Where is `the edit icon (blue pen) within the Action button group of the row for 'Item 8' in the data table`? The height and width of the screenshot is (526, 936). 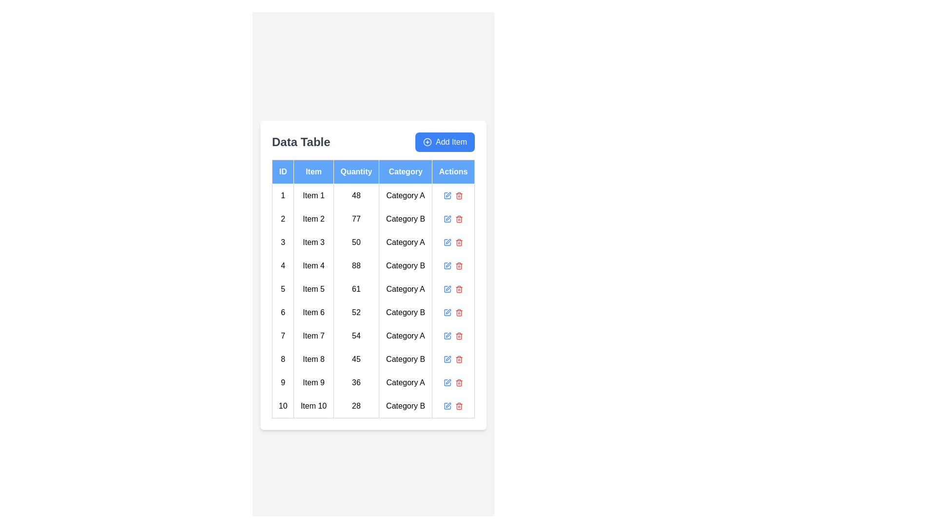 the edit icon (blue pen) within the Action button group of the row for 'Item 8' in the data table is located at coordinates (453, 359).